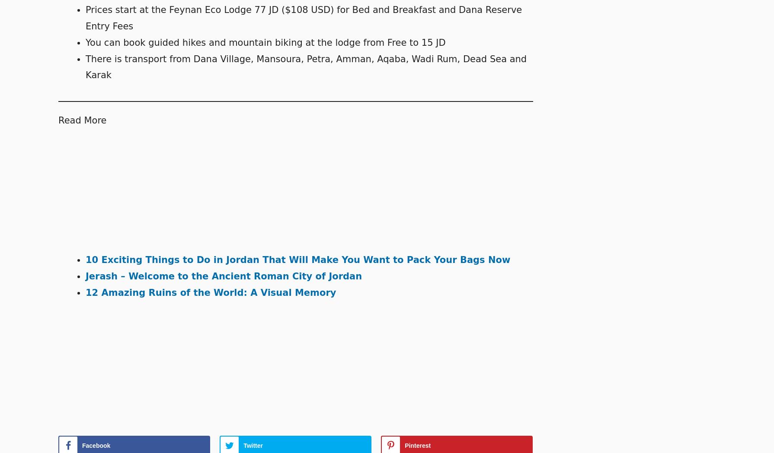  Describe the element at coordinates (223, 276) in the screenshot. I see `'Jerash – Welcome to the Ancient Roman City of Jordan'` at that location.